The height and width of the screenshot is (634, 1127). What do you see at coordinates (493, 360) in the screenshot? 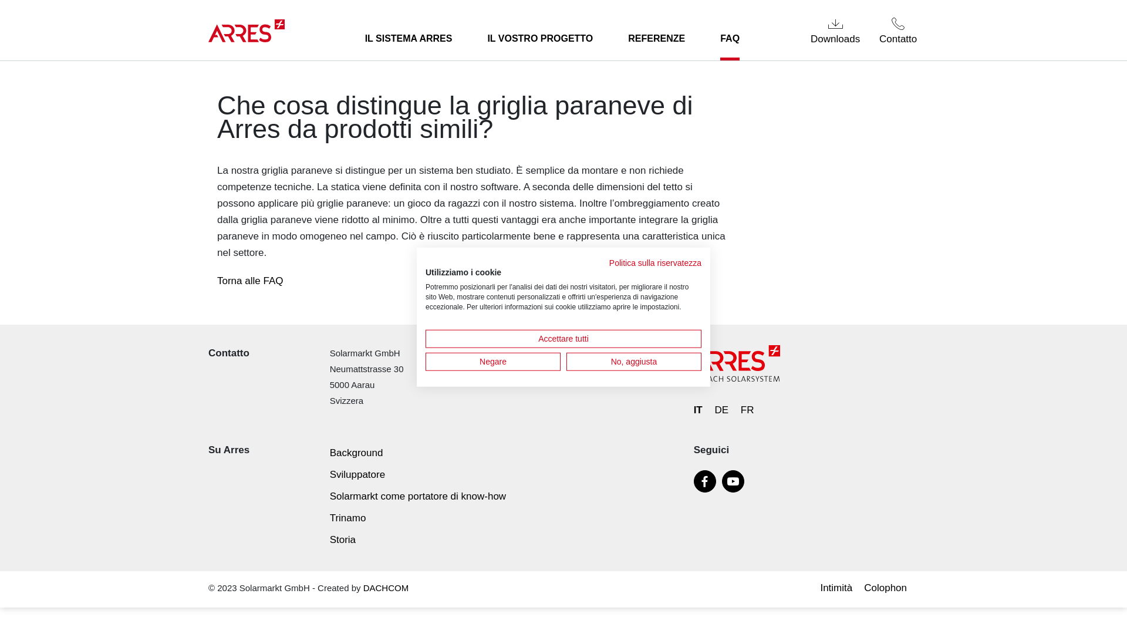
I see `'Negare'` at bounding box center [493, 360].